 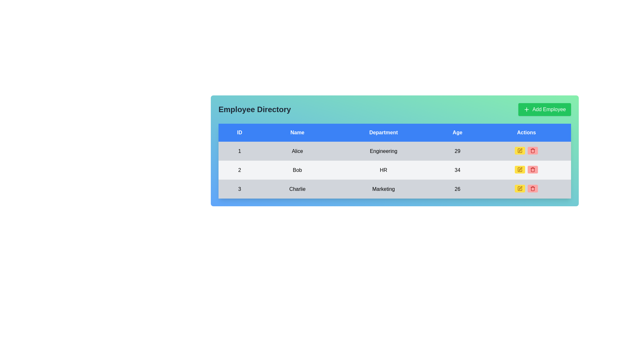 What do you see at coordinates (521, 150) in the screenshot?
I see `the yellow pen icon in the 'Actions' column of the first row in the data table` at bounding box center [521, 150].